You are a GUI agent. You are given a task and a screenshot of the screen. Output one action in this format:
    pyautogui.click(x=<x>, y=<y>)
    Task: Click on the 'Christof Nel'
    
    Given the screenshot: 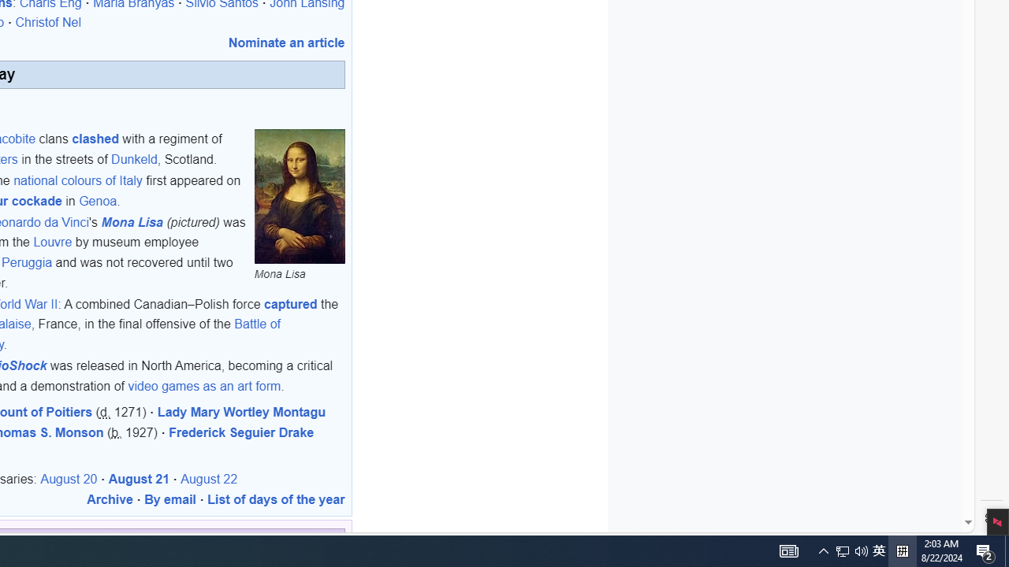 What is the action you would take?
    pyautogui.click(x=48, y=23)
    